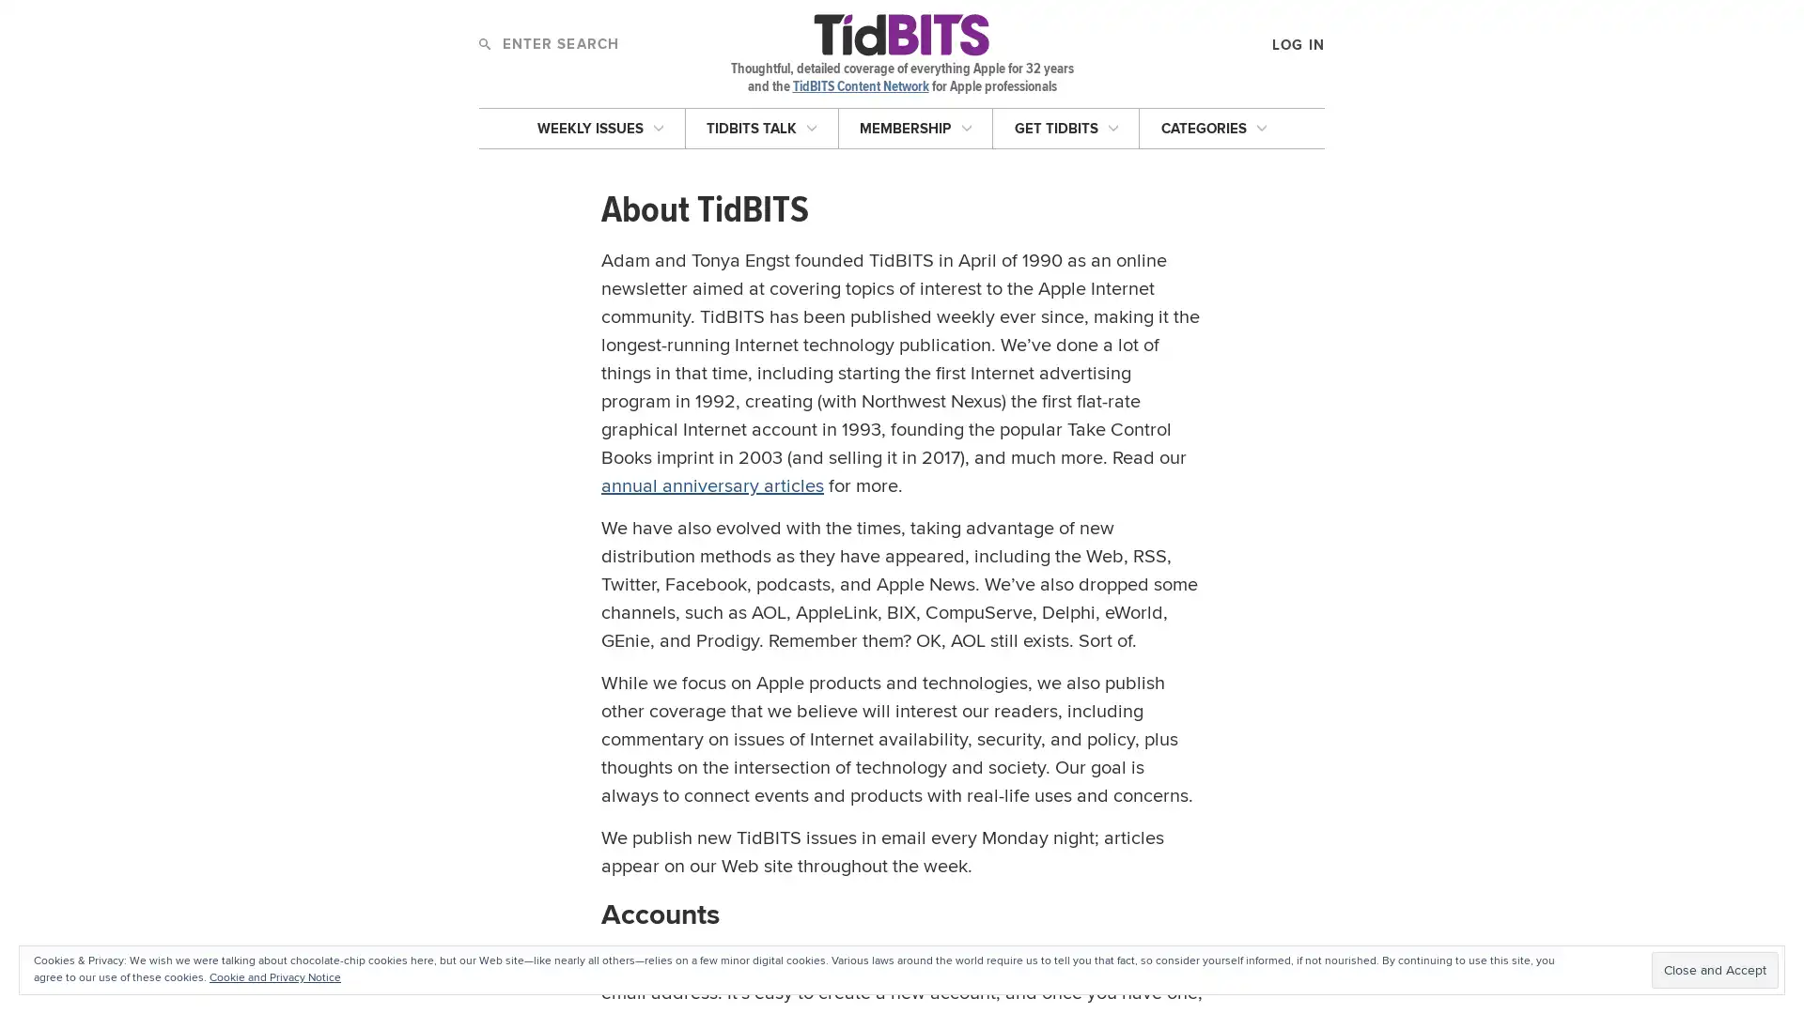  I want to click on LOG IN, so click(1211, 148).